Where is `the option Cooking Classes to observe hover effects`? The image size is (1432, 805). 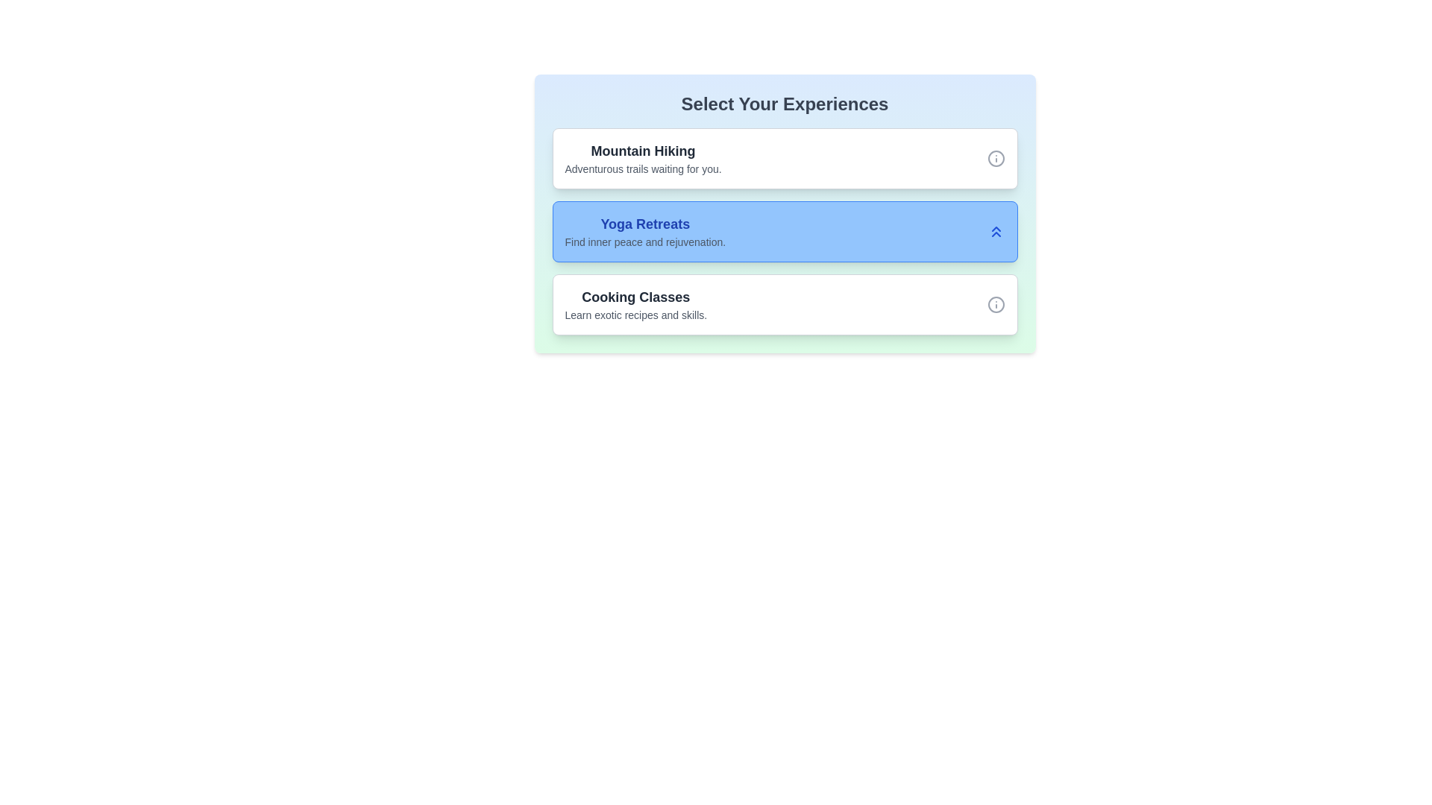
the option Cooking Classes to observe hover effects is located at coordinates (784, 303).